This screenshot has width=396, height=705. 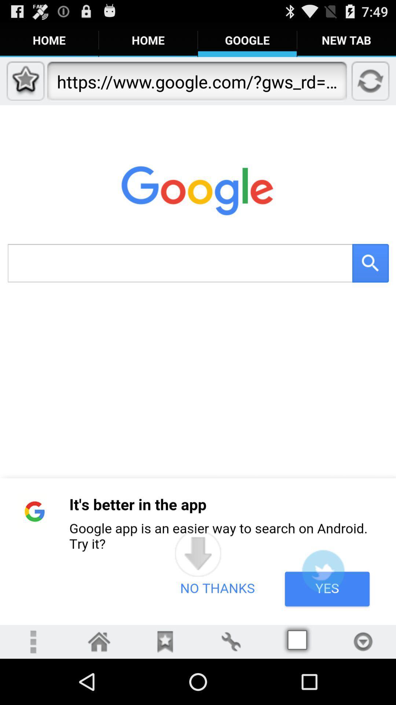 I want to click on the tab home on the web page, so click(x=148, y=40).